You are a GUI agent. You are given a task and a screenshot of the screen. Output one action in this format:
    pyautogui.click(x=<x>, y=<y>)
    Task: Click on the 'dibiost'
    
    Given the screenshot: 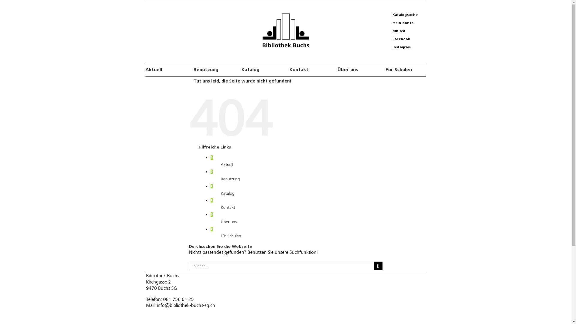 What is the action you would take?
    pyautogui.click(x=384, y=31)
    